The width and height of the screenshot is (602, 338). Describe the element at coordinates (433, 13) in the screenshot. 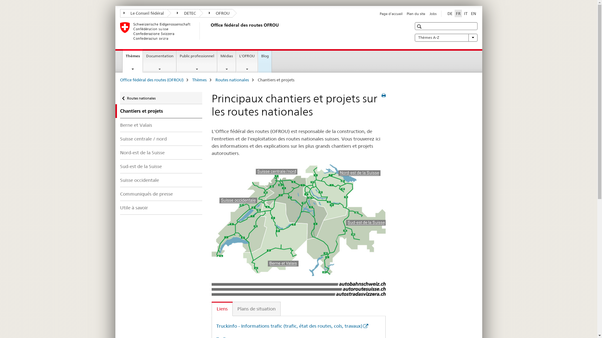

I see `'Jobs'` at that location.